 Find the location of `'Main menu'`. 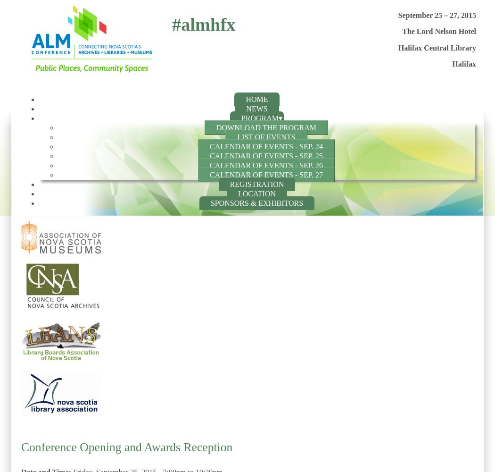

'Main menu' is located at coordinates (44, 104).